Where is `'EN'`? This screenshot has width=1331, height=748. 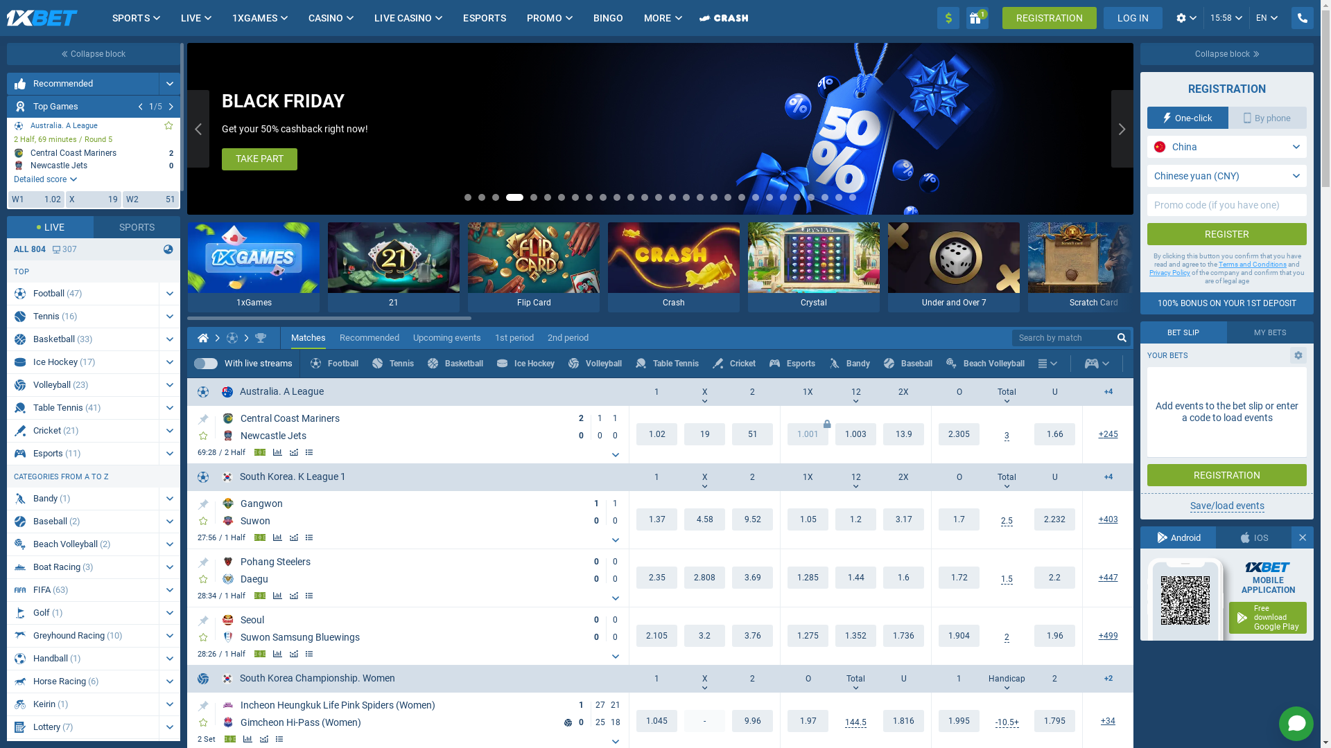
'EN' is located at coordinates (1252, 18).